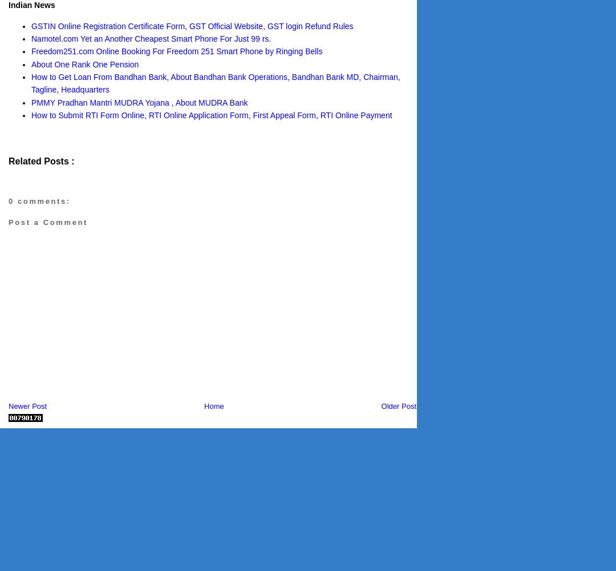 Image resolution: width=616 pixels, height=571 pixels. What do you see at coordinates (139, 102) in the screenshot?
I see `'PMMY Pradhan Mantri MUDRA Yojana , About MUDRA Bank'` at bounding box center [139, 102].